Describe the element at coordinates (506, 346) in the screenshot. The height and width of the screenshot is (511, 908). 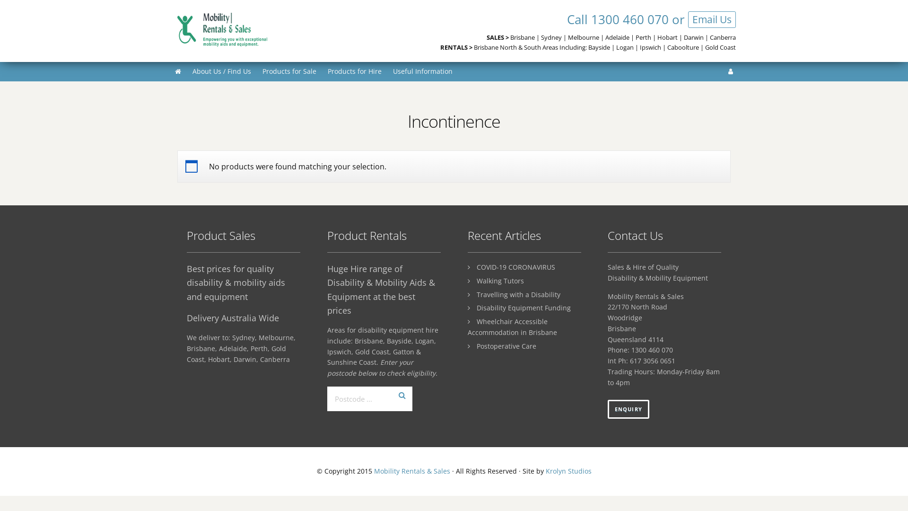
I see `'Postoperative Care'` at that location.